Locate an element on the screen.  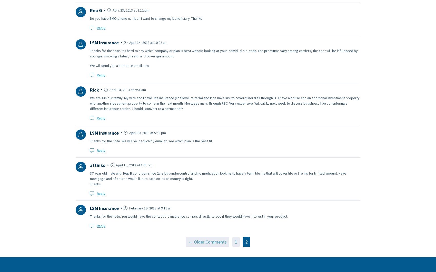
'37 year old male with Hep B condition since 2yrs but undercontrol and no medication looking to have a term life ins that will cover life or life ins for limited amount. Have mortgage and of course would like to safe on ins as money is tight.' is located at coordinates (218, 175).